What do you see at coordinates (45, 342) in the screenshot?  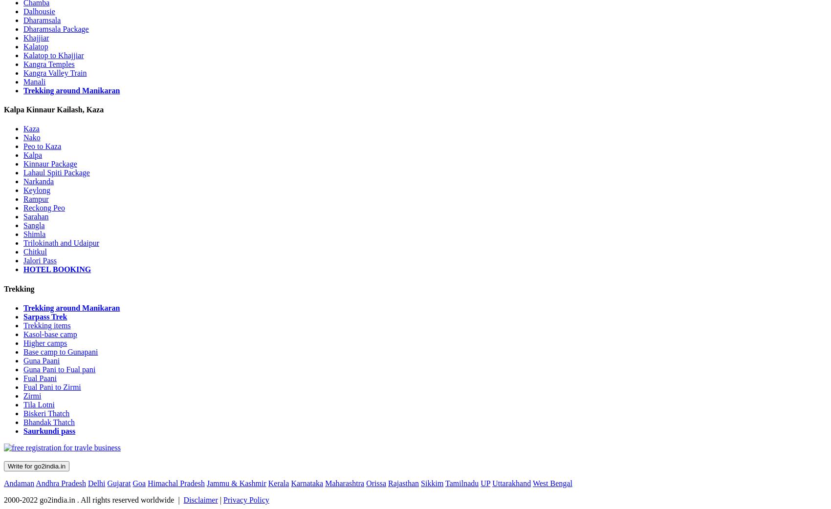 I see `'Higher camps'` at bounding box center [45, 342].